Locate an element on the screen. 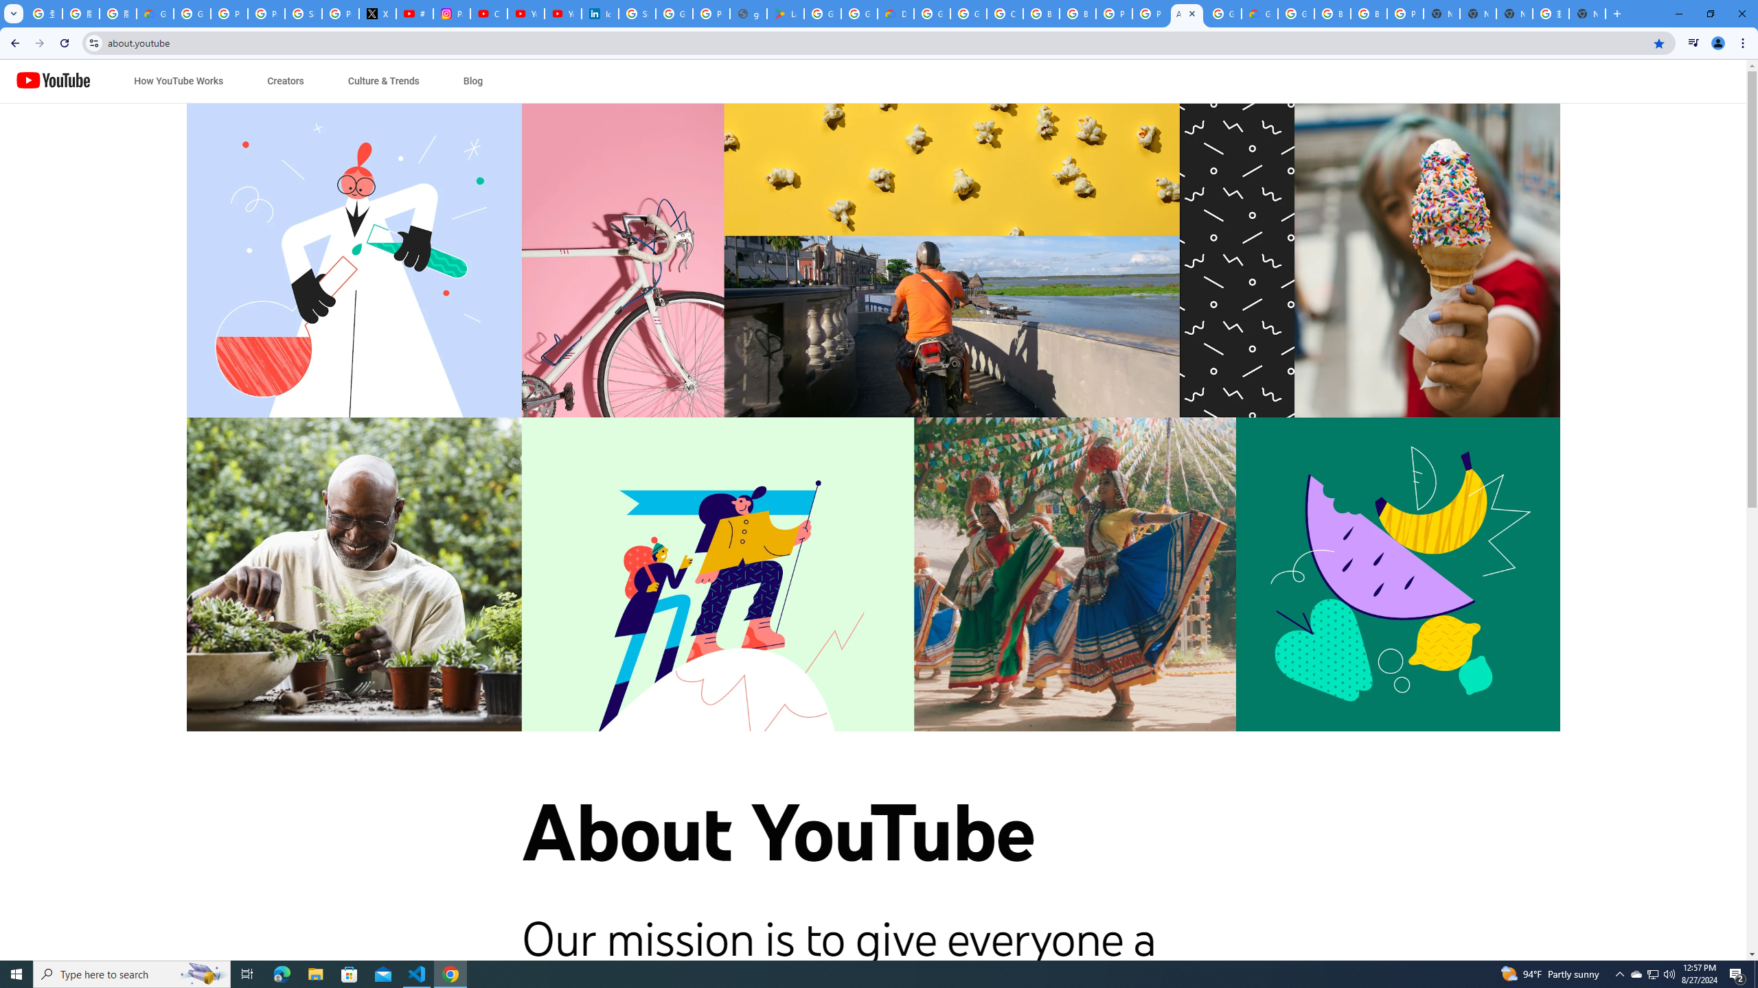  'YouTube Culture & Trends - YouTube Top 10, 2021' is located at coordinates (562, 13).